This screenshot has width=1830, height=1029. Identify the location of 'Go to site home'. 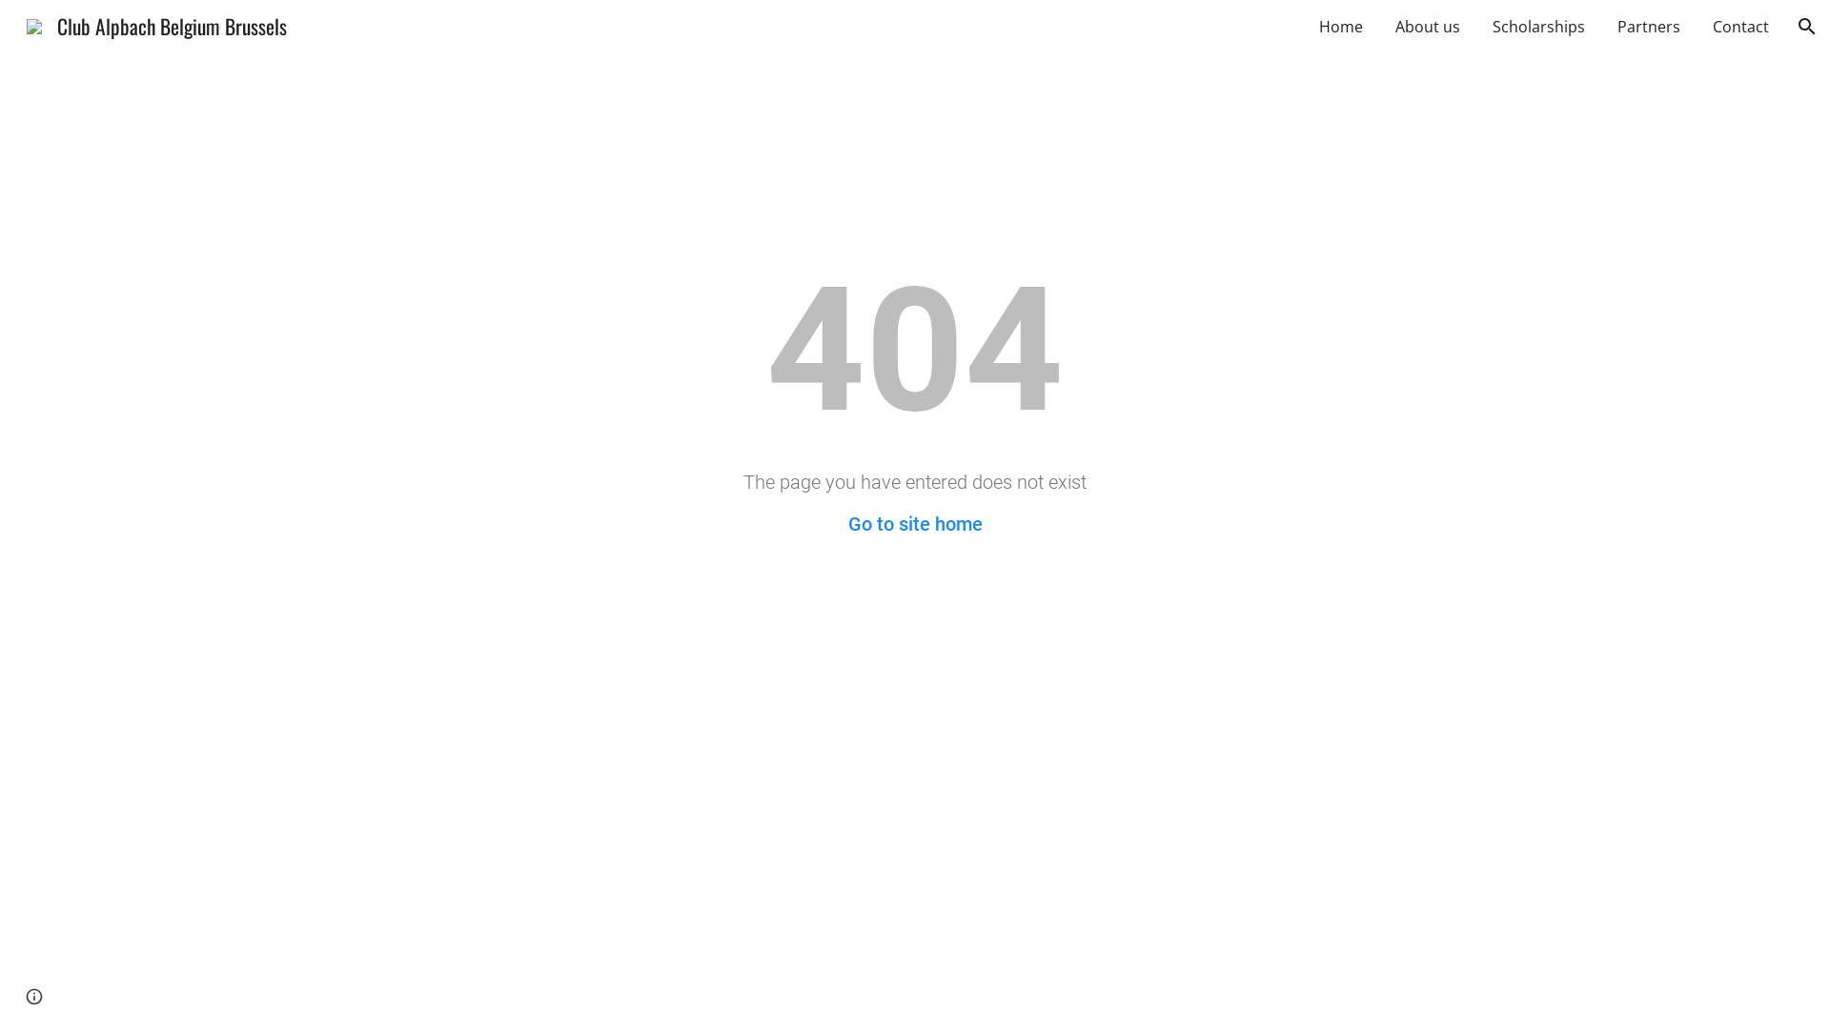
(846, 524).